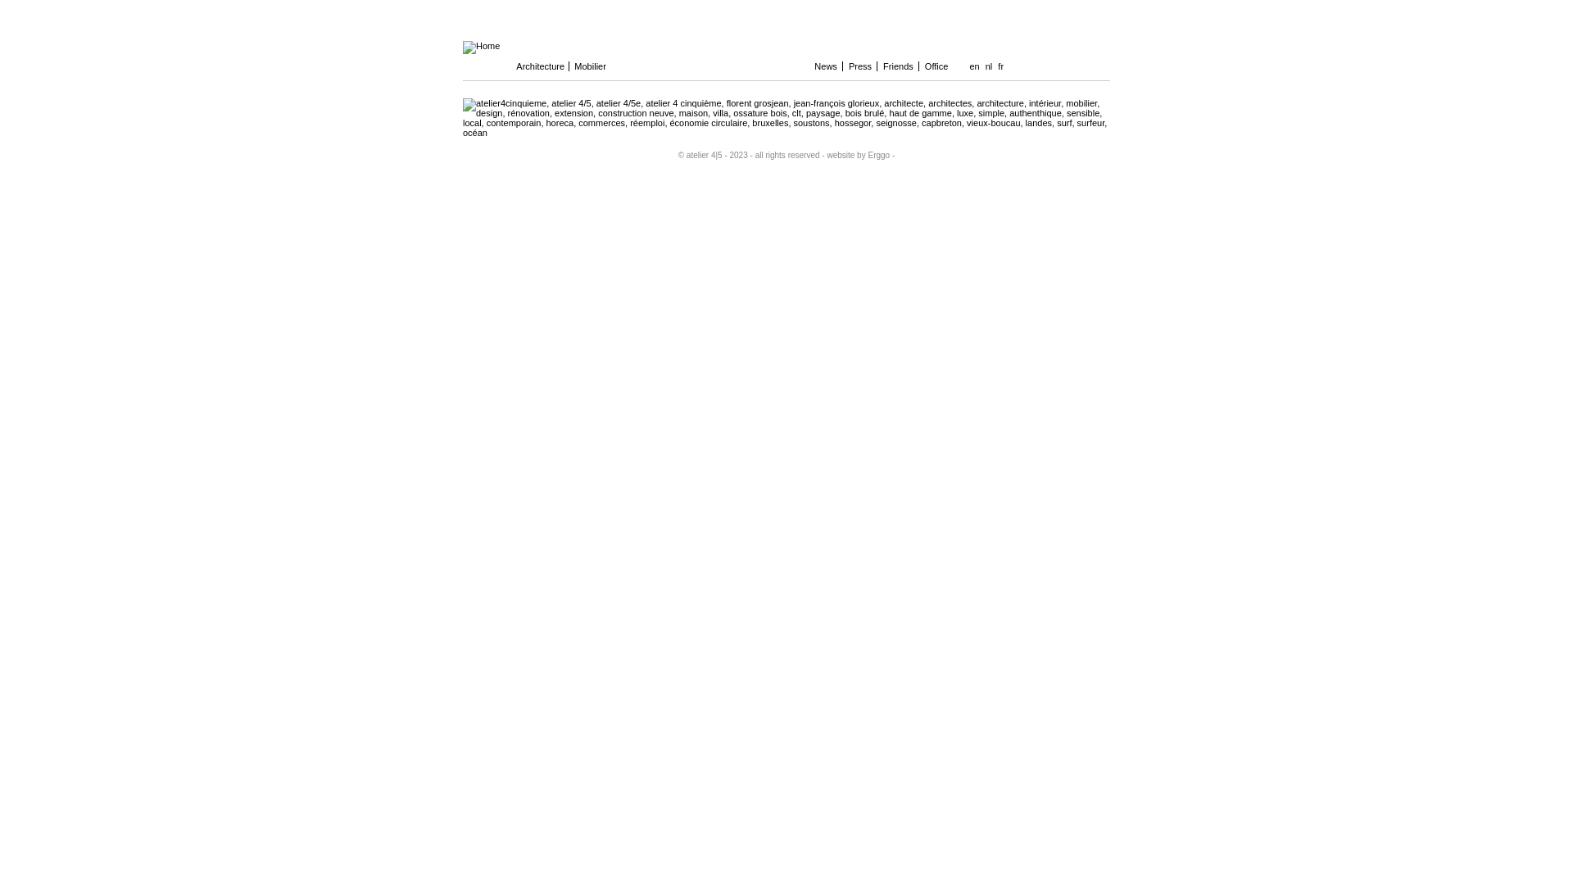  What do you see at coordinates (827, 66) in the screenshot?
I see `'News'` at bounding box center [827, 66].